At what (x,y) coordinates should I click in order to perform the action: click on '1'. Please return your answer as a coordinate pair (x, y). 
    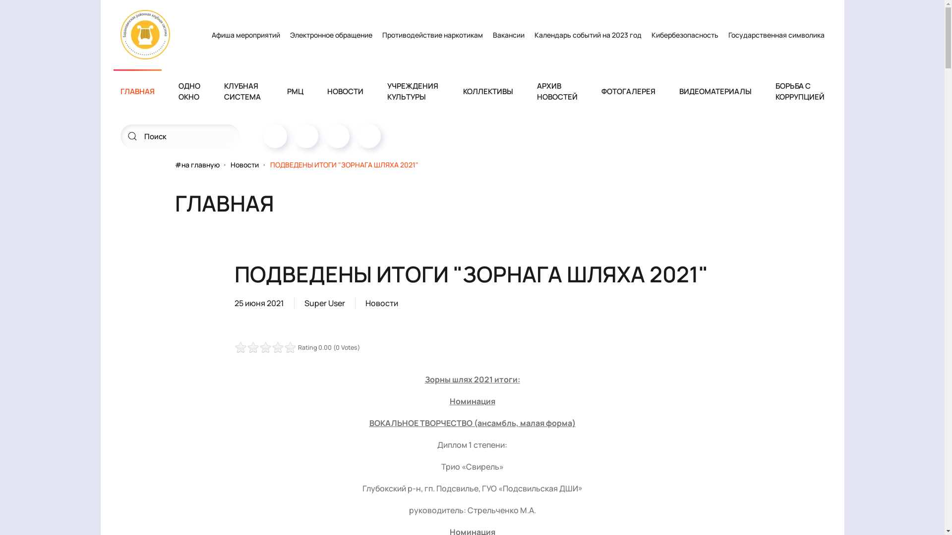
    Looking at the image, I should click on (259, 347).